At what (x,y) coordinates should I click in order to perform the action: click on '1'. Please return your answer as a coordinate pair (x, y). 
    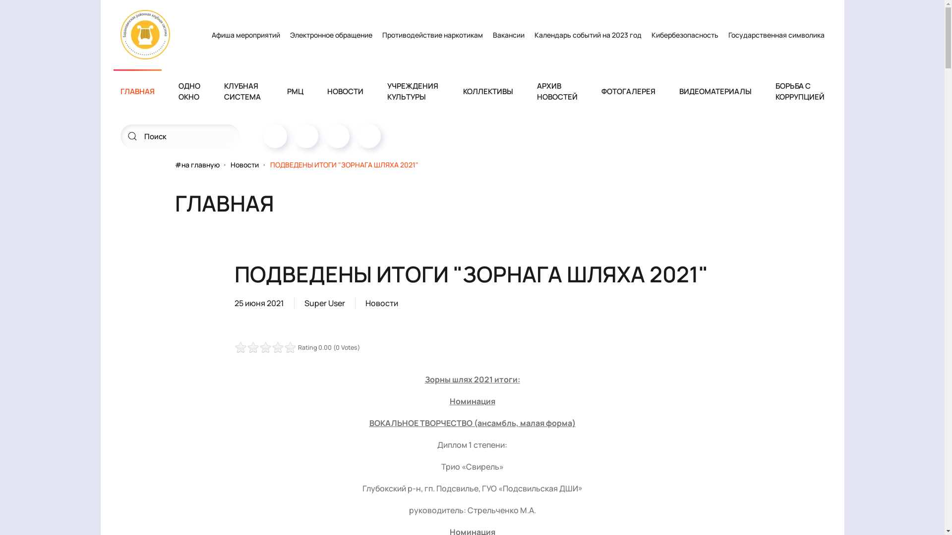
    Looking at the image, I should click on (259, 347).